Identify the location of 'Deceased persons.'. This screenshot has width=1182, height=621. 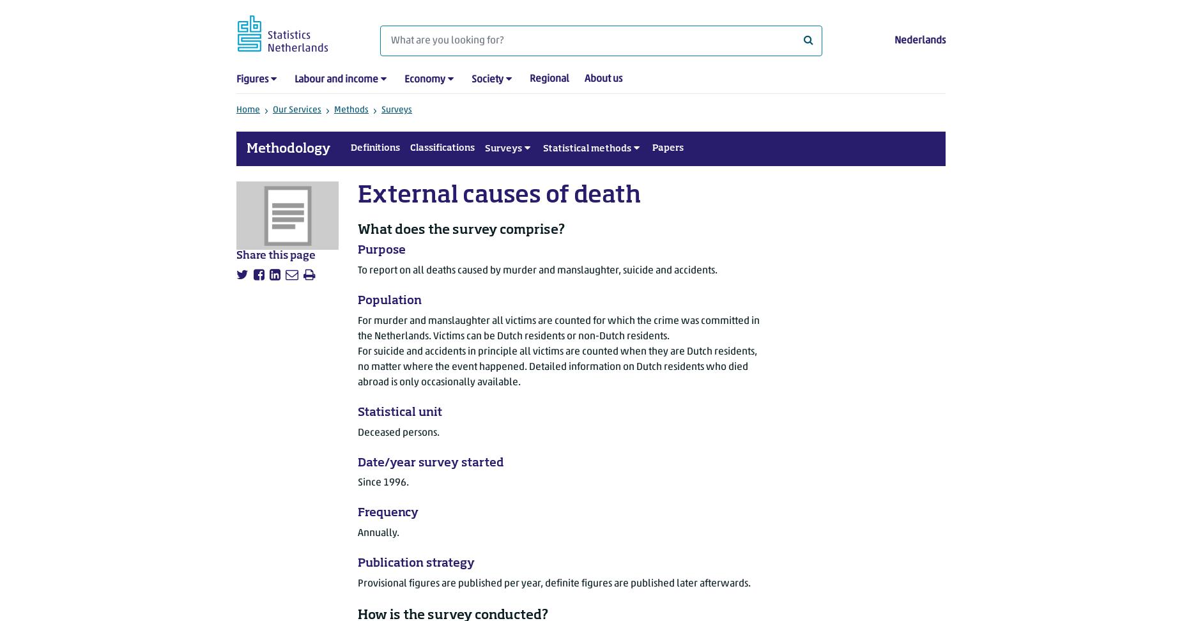
(399, 431).